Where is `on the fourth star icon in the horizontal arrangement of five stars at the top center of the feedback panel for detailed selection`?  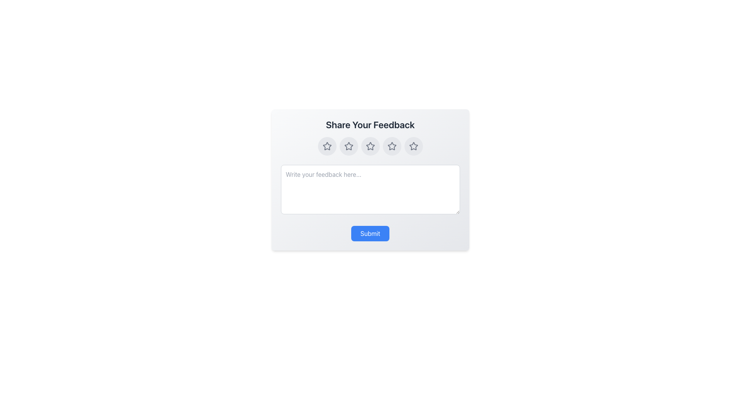 on the fourth star icon in the horizontal arrangement of five stars at the top center of the feedback panel for detailed selection is located at coordinates (392, 146).